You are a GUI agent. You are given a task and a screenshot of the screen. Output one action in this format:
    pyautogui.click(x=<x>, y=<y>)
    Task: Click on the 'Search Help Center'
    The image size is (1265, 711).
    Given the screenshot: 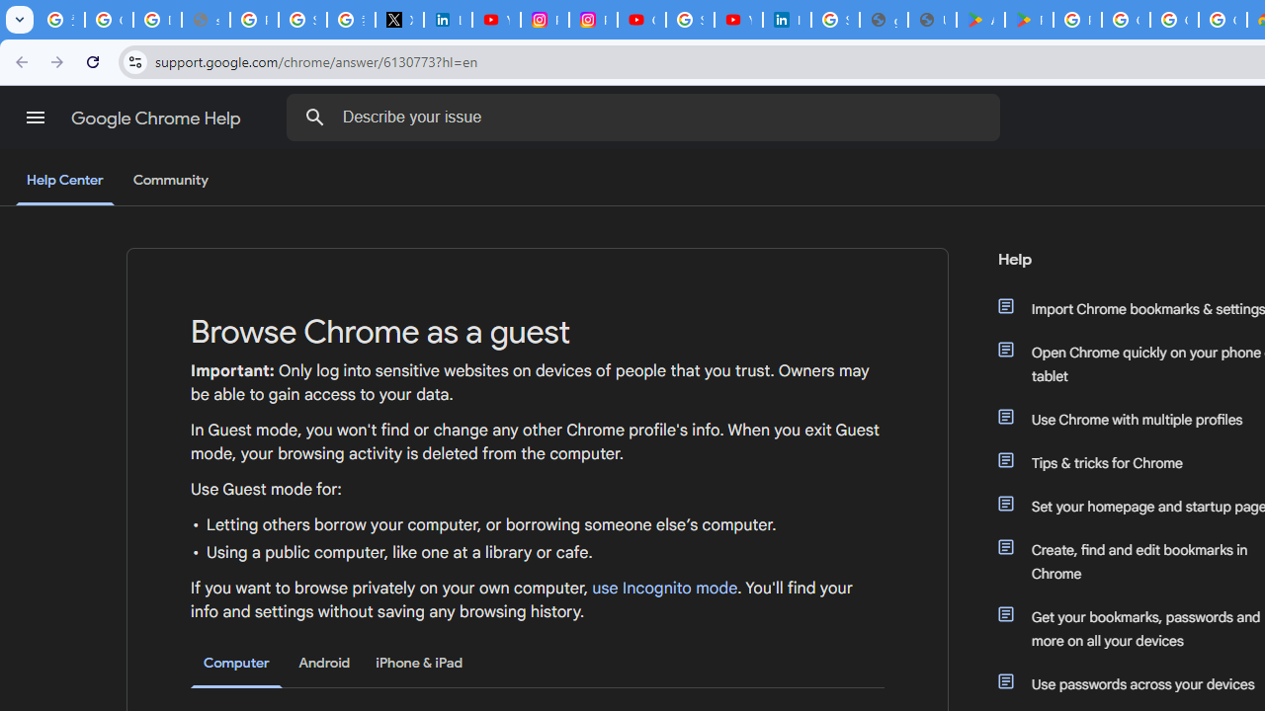 What is the action you would take?
    pyautogui.click(x=313, y=117)
    